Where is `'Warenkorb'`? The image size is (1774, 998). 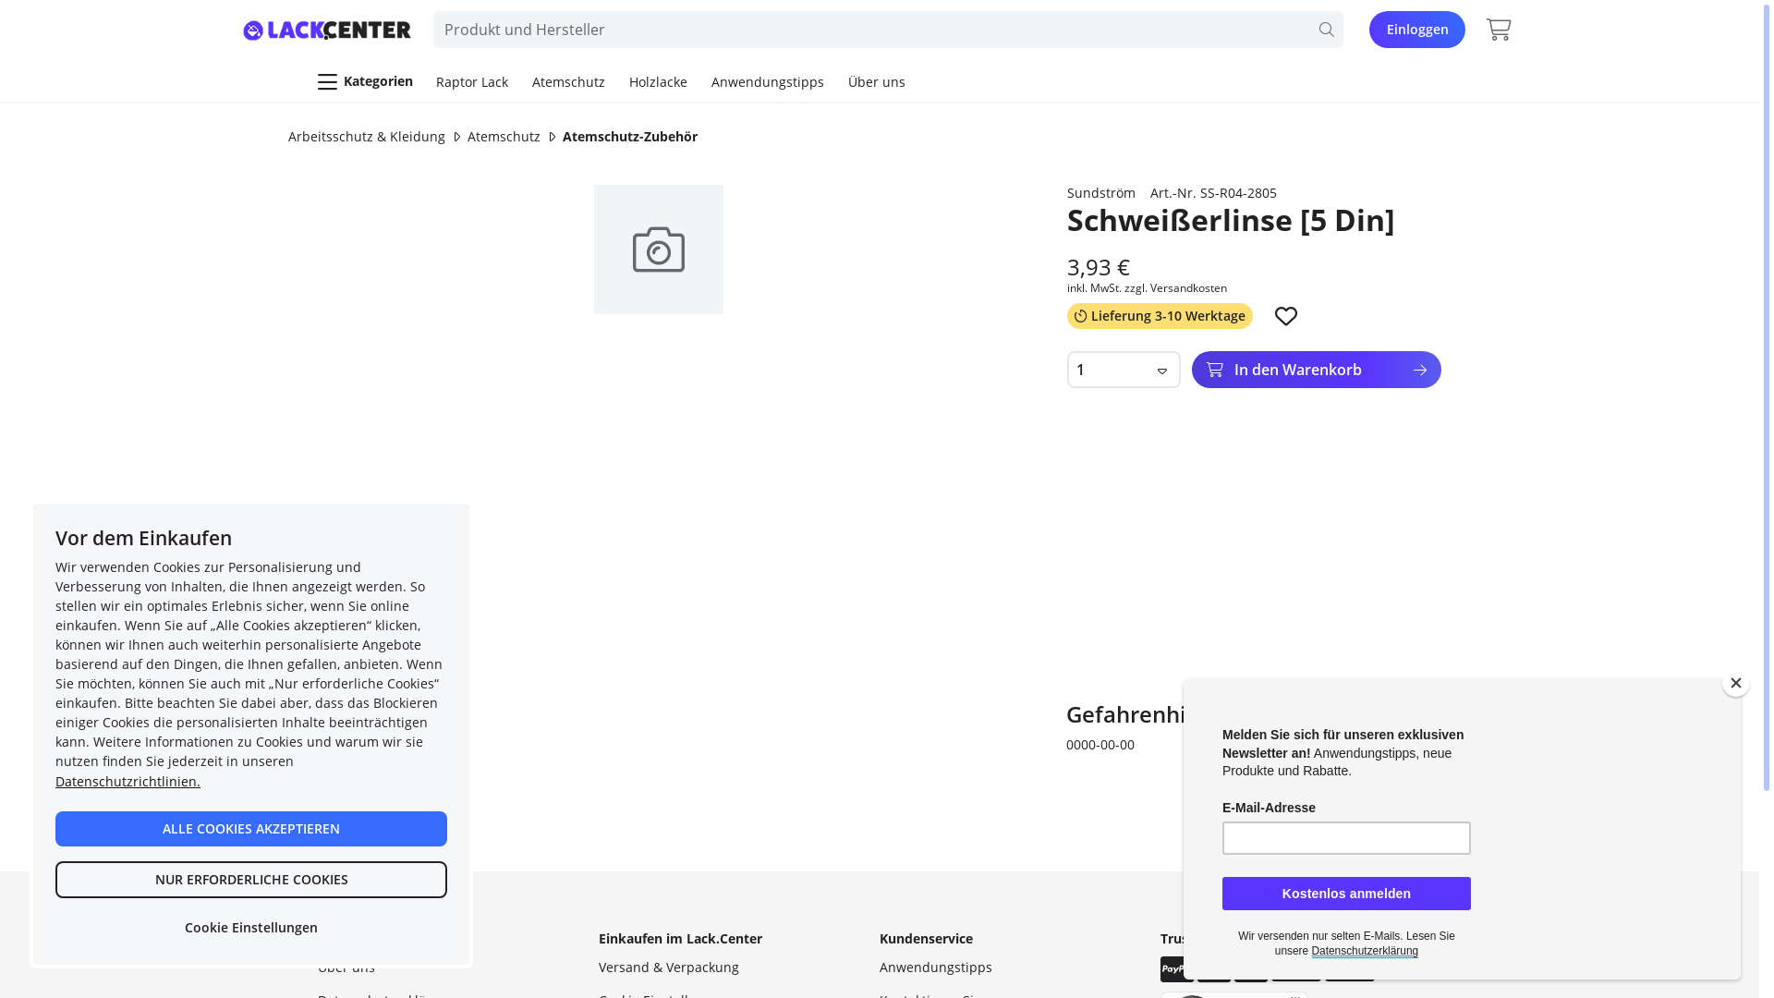 'Warenkorb' is located at coordinates (1499, 29).